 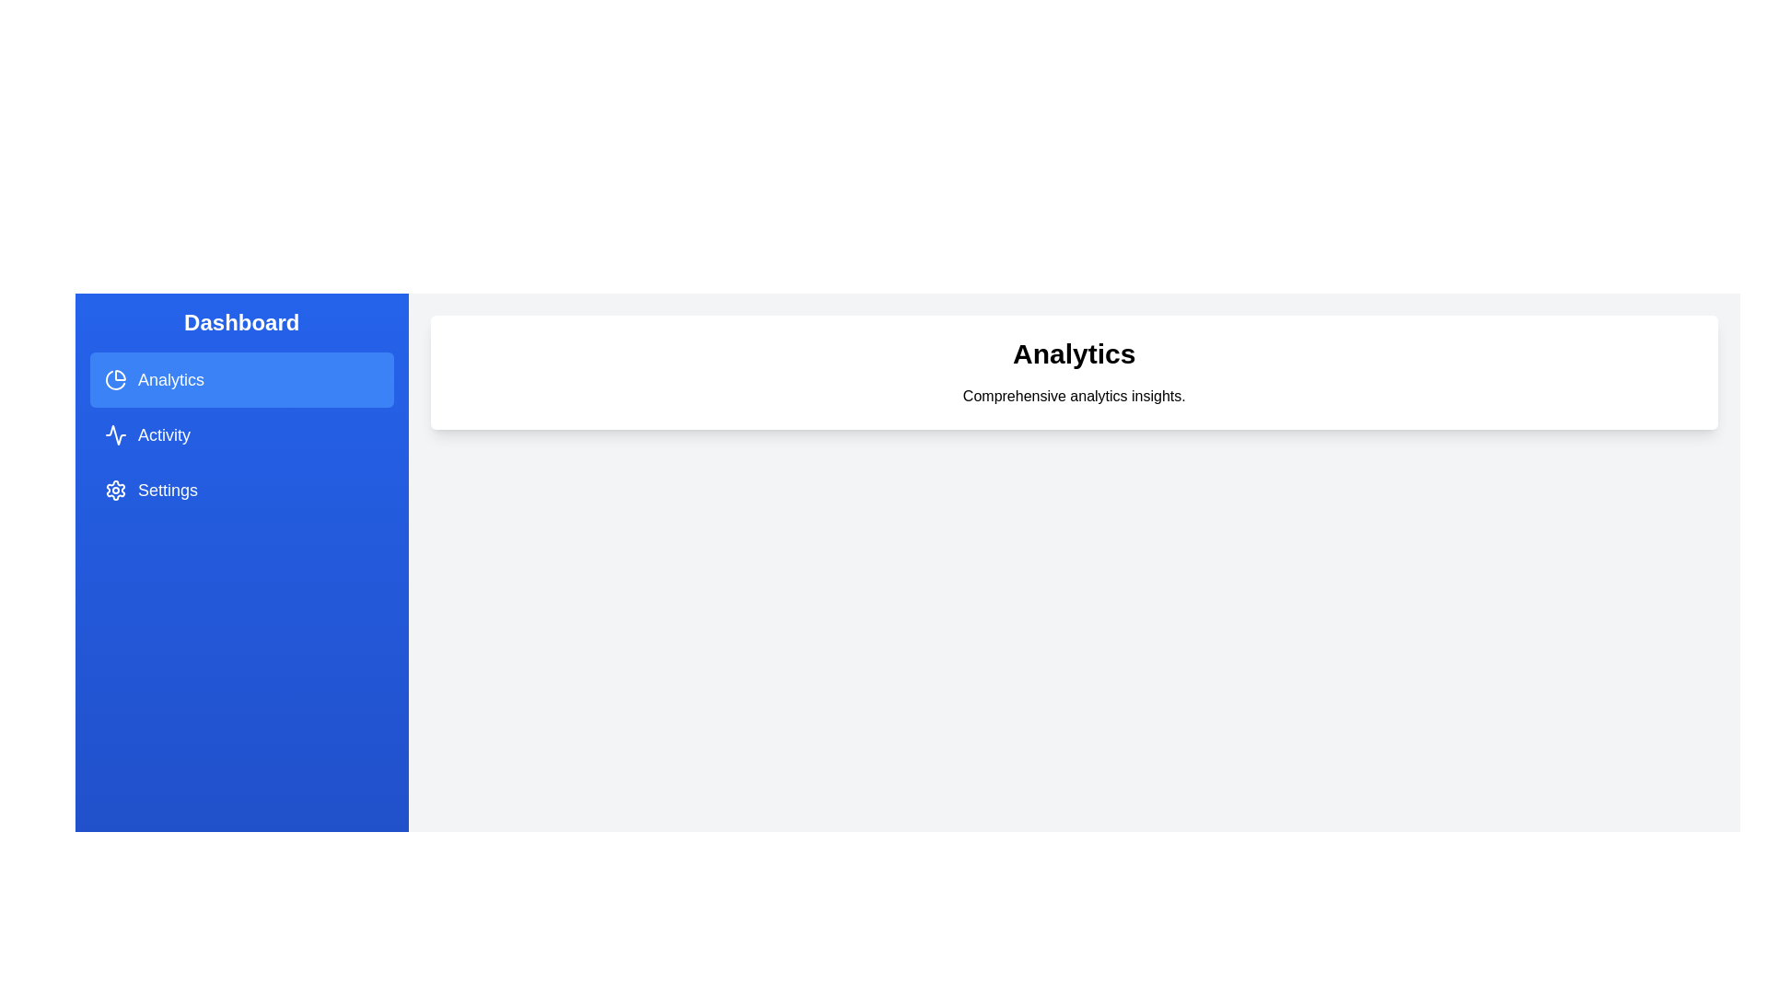 I want to click on the 'Settings' button in the vertical navigation menu, so click(x=240, y=489).